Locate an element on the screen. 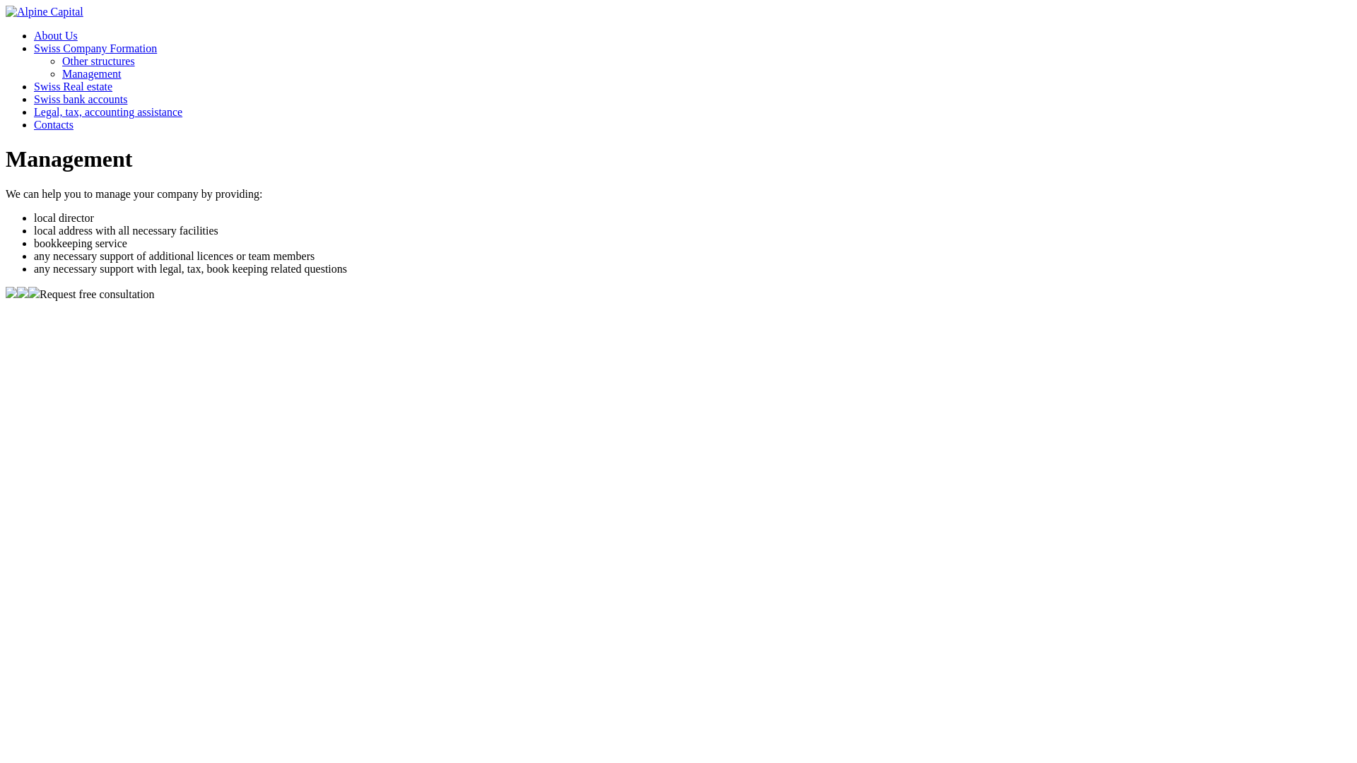  'Request free consultation' is located at coordinates (96, 293).